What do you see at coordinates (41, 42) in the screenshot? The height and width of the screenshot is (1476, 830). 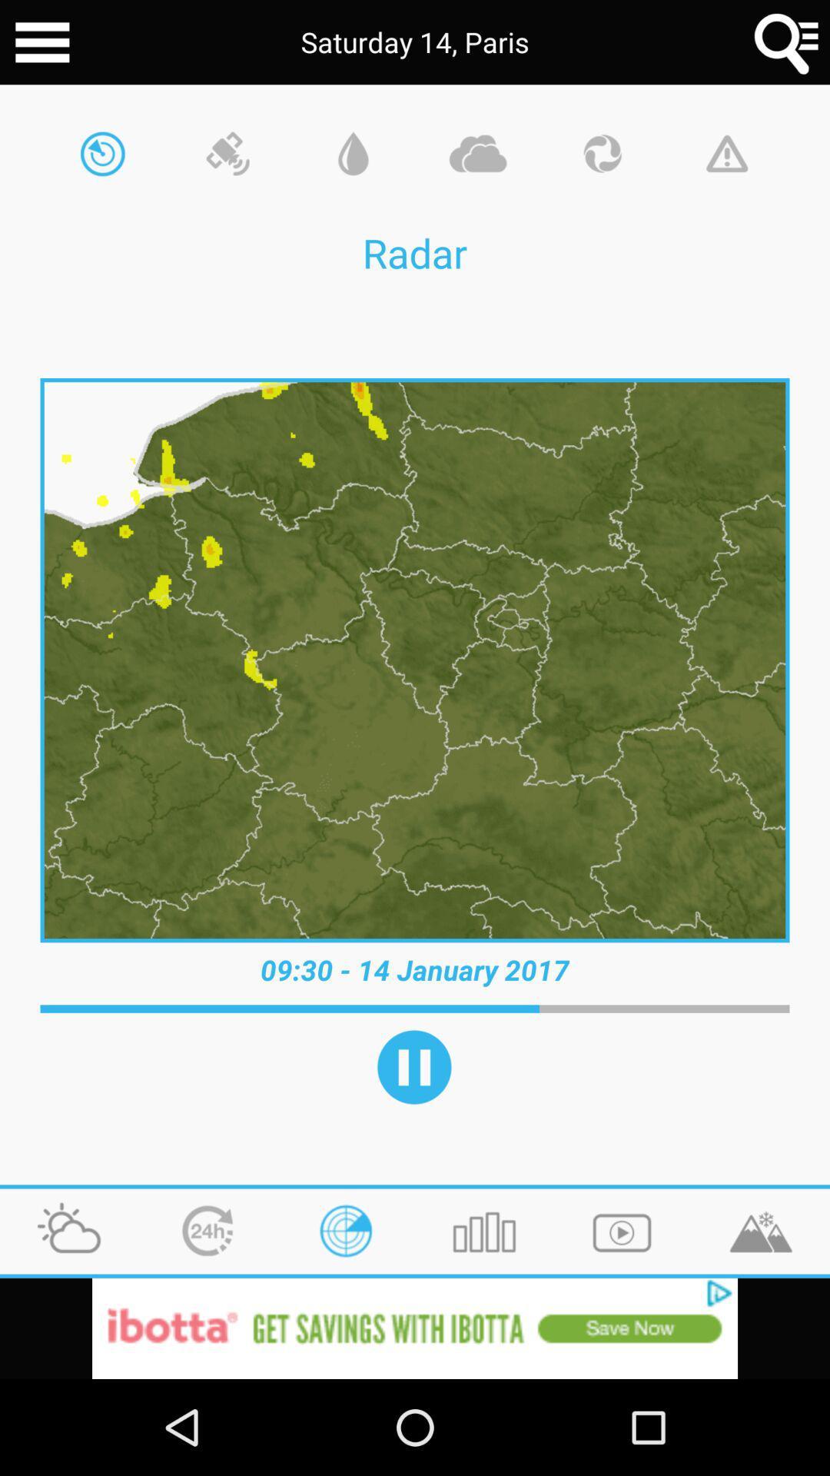 I see `menu` at bounding box center [41, 42].